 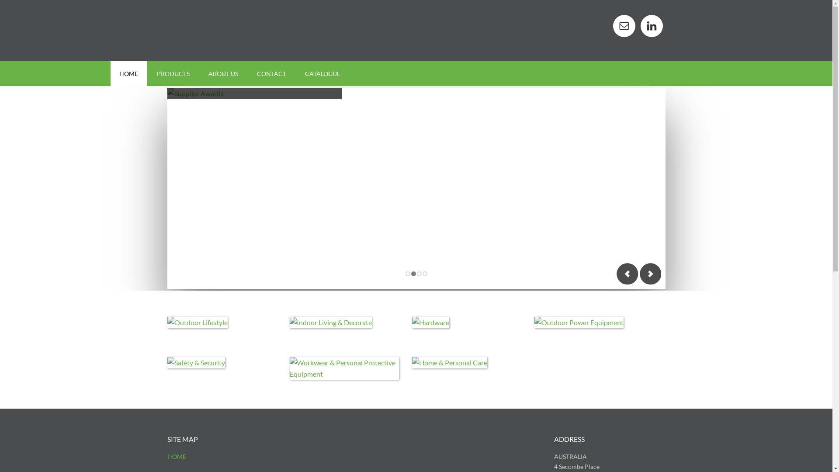 What do you see at coordinates (413, 274) in the screenshot?
I see `'2'` at bounding box center [413, 274].